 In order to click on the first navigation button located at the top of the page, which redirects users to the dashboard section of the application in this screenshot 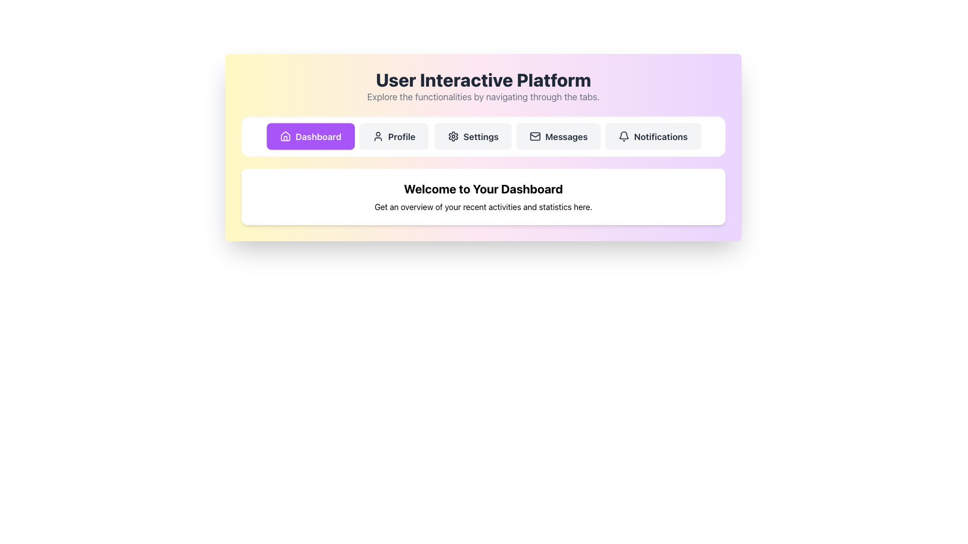, I will do `click(310, 136)`.